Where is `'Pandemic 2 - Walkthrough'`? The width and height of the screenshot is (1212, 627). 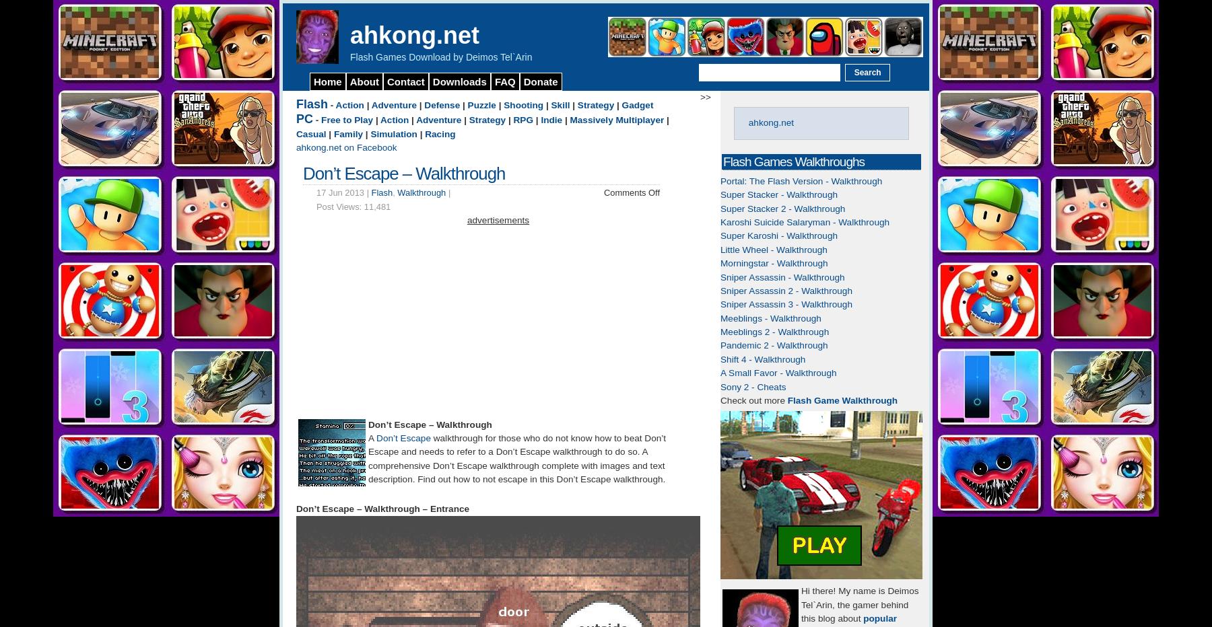
'Pandemic 2 - Walkthrough' is located at coordinates (720, 344).